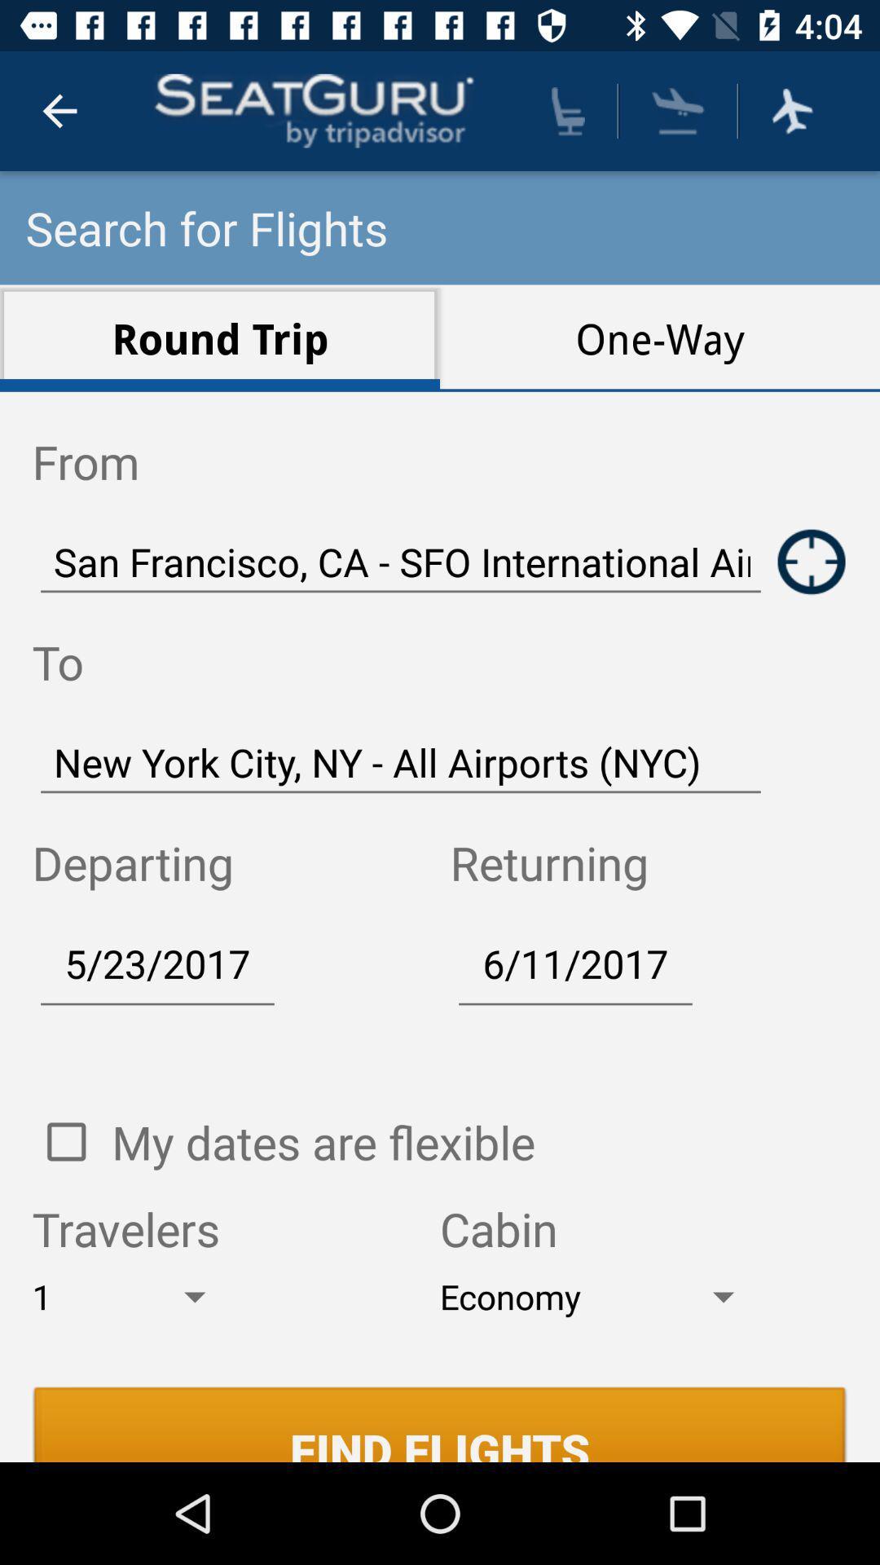 The width and height of the screenshot is (880, 1565). What do you see at coordinates (220, 337) in the screenshot?
I see `the icon above the from` at bounding box center [220, 337].